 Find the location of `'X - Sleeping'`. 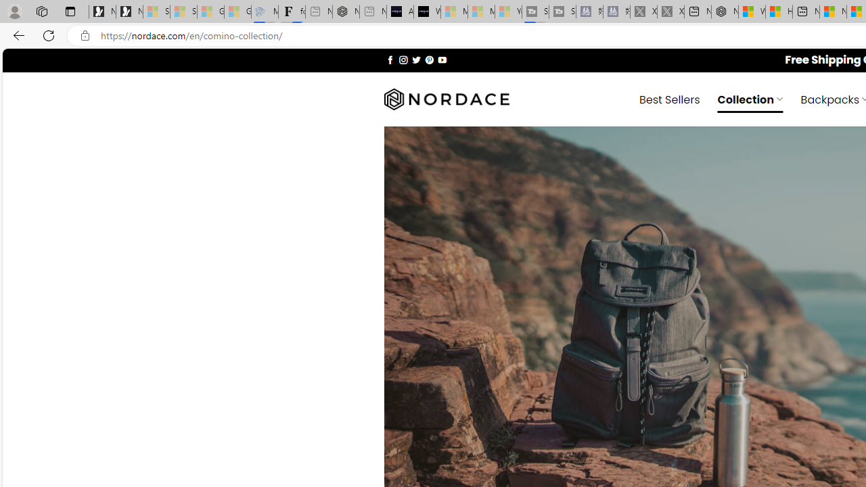

'X - Sleeping' is located at coordinates (670, 11).